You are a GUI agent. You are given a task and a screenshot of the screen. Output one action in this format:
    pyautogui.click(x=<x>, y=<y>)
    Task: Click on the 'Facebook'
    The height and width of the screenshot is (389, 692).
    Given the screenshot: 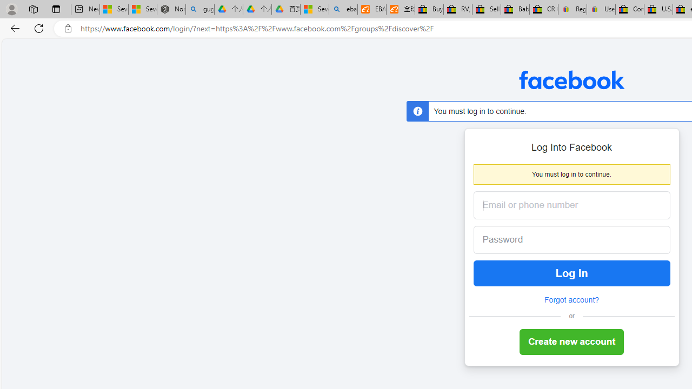 What is the action you would take?
    pyautogui.click(x=571, y=79)
    